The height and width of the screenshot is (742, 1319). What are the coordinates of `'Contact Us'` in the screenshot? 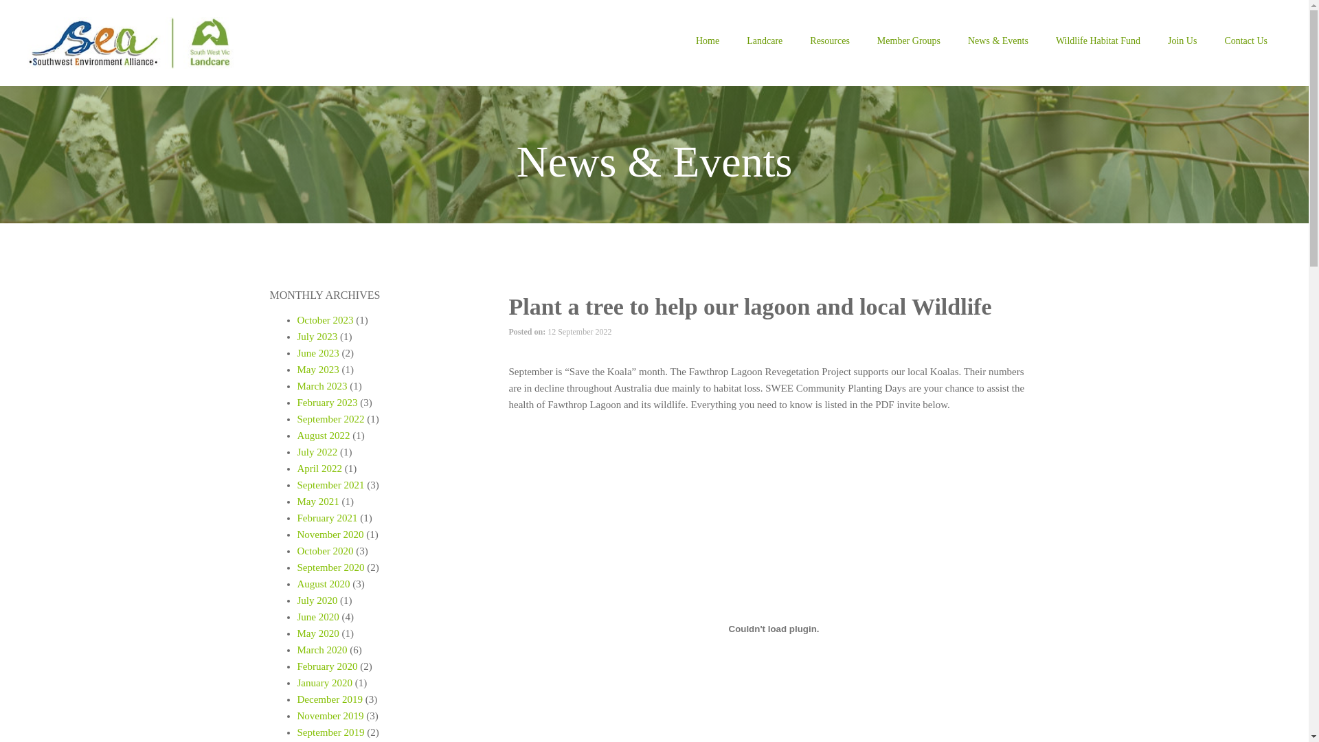 It's located at (1245, 42).